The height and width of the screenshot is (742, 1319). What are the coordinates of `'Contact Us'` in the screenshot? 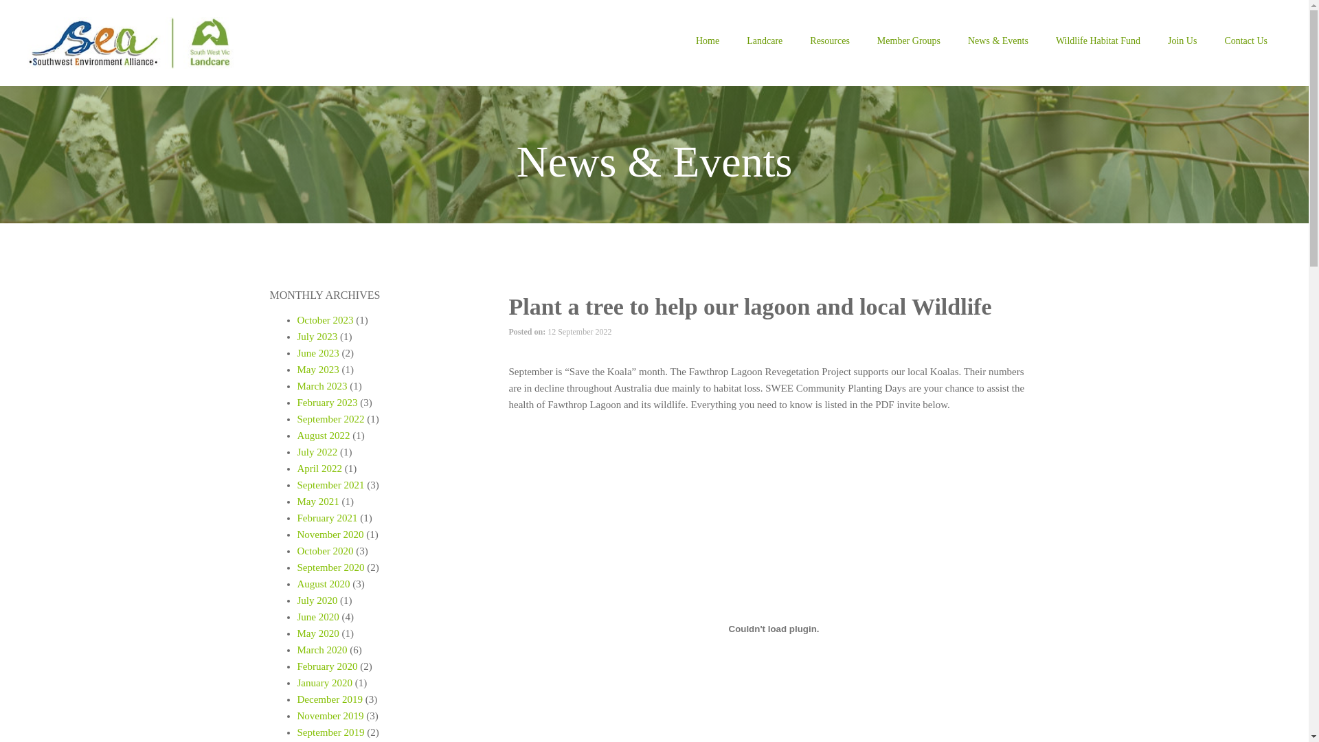 It's located at (1245, 42).